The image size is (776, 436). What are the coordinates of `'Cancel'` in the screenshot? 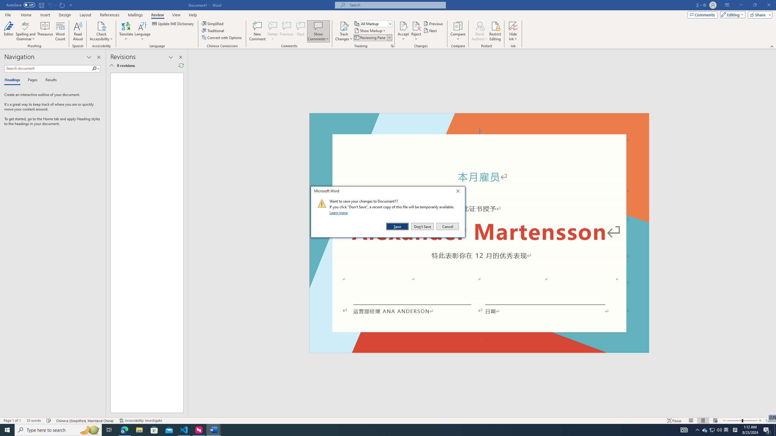 It's located at (447, 226).